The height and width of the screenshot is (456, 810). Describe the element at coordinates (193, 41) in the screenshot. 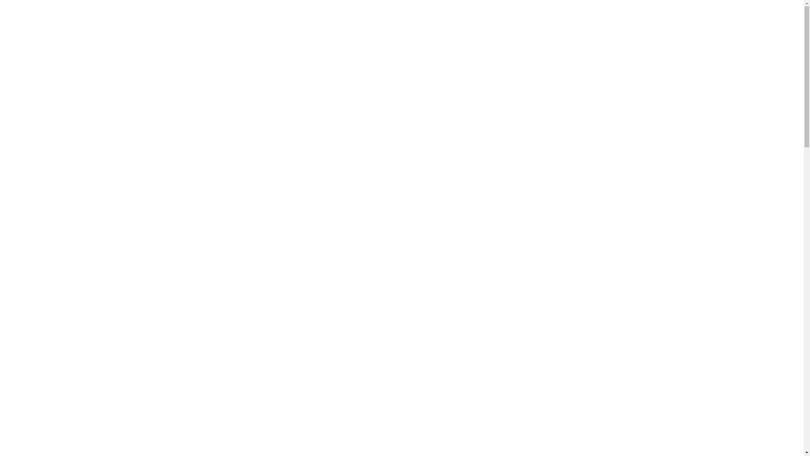

I see `'Brighton'` at that location.